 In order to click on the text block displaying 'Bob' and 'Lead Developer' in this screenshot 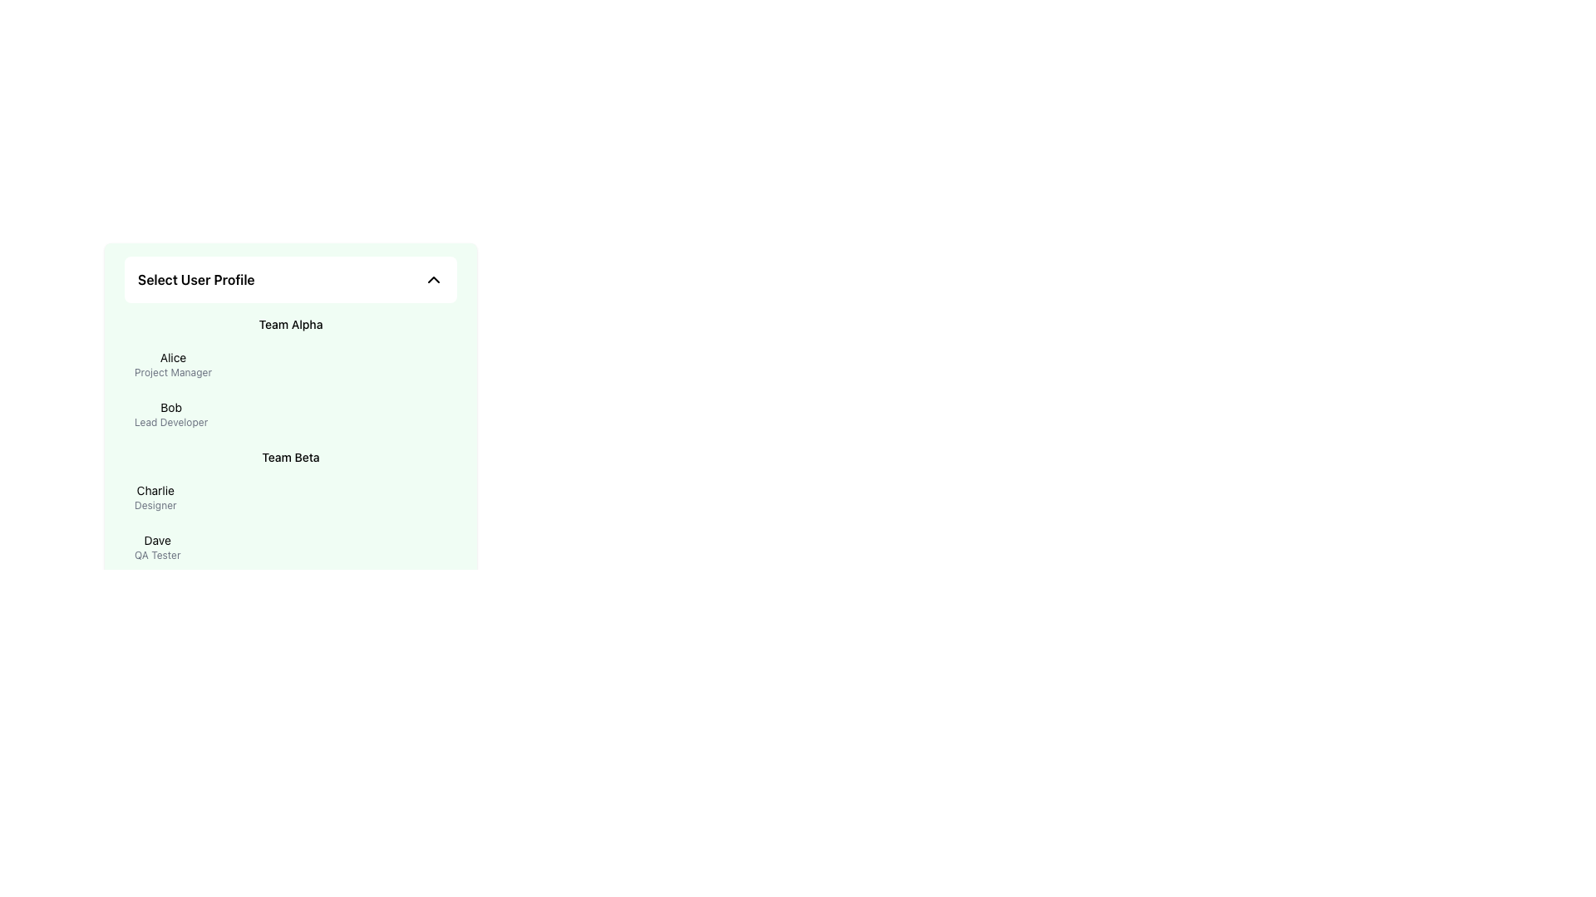, I will do `click(171, 413)`.